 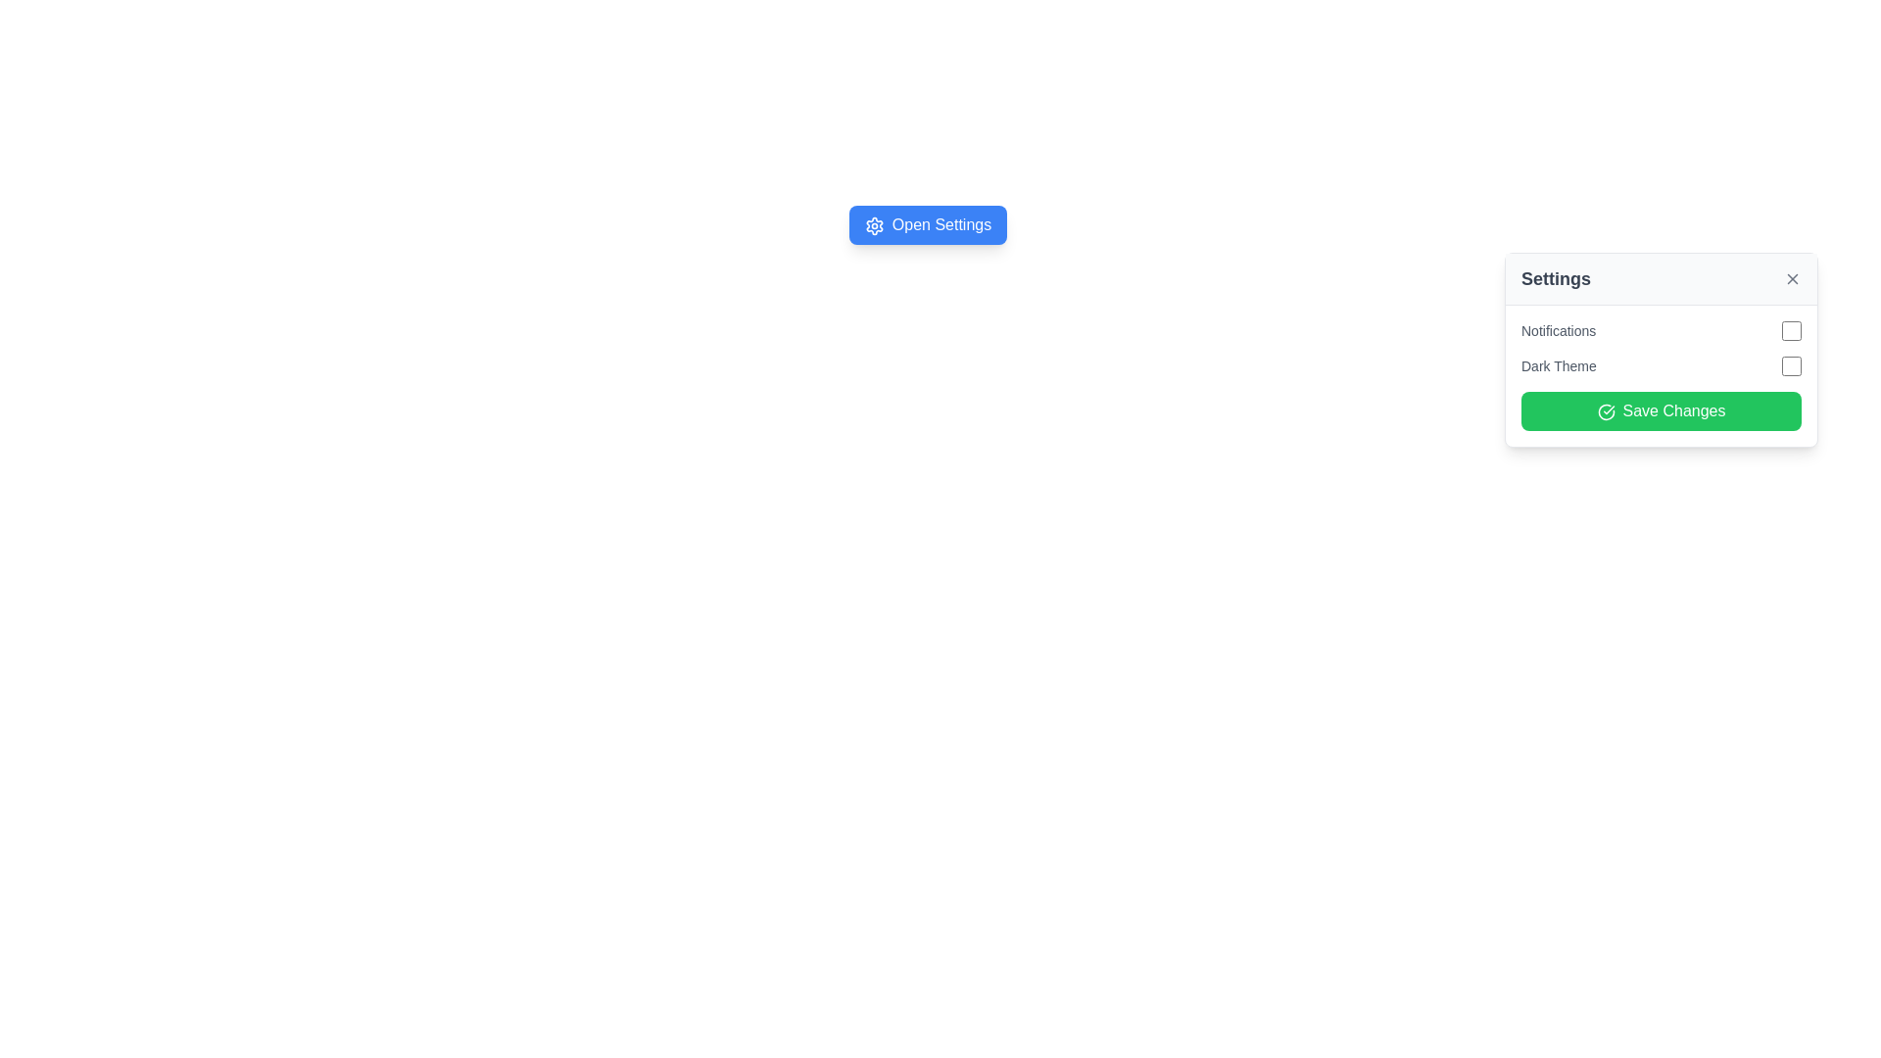 What do you see at coordinates (1660, 376) in the screenshot?
I see `the group of form controls within the settings section that includes 'Notifications' and 'Dark Theme' options` at bounding box center [1660, 376].